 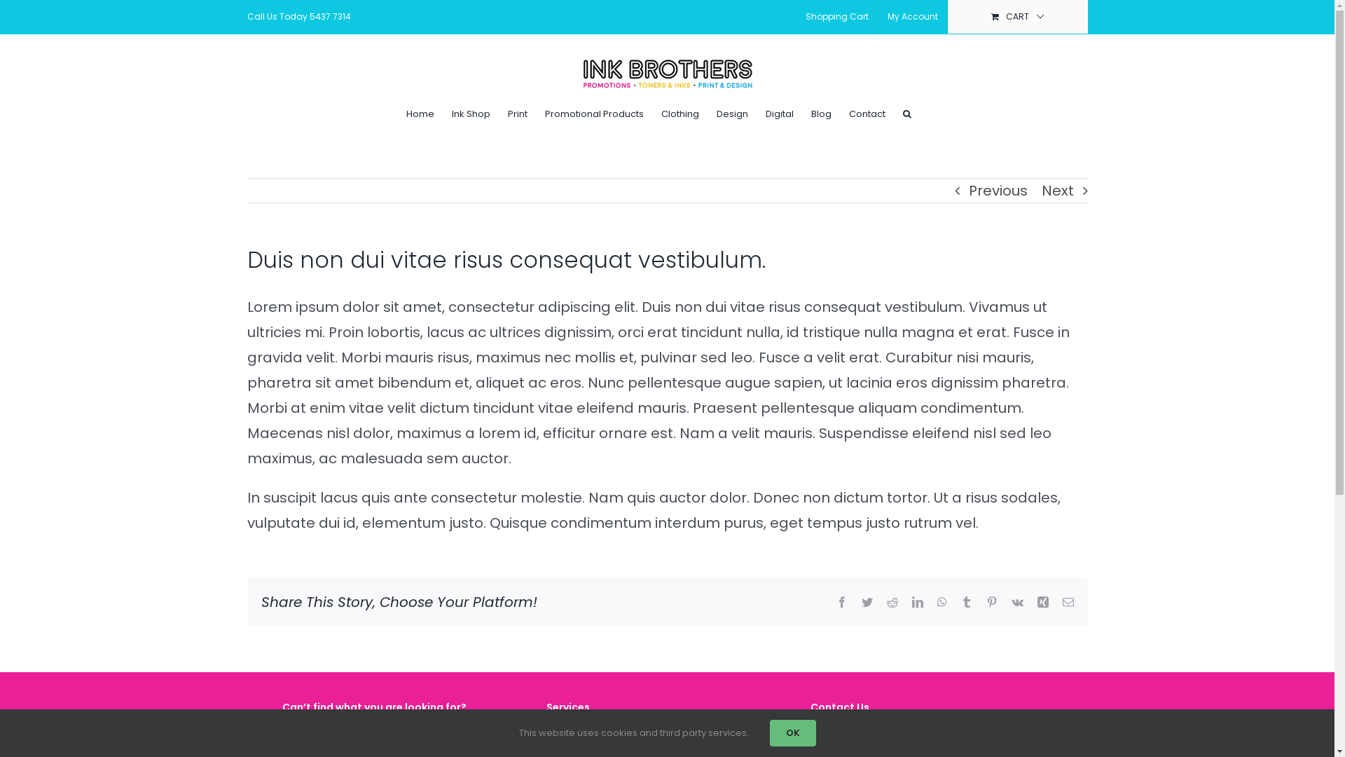 What do you see at coordinates (778, 113) in the screenshot?
I see `'Digital'` at bounding box center [778, 113].